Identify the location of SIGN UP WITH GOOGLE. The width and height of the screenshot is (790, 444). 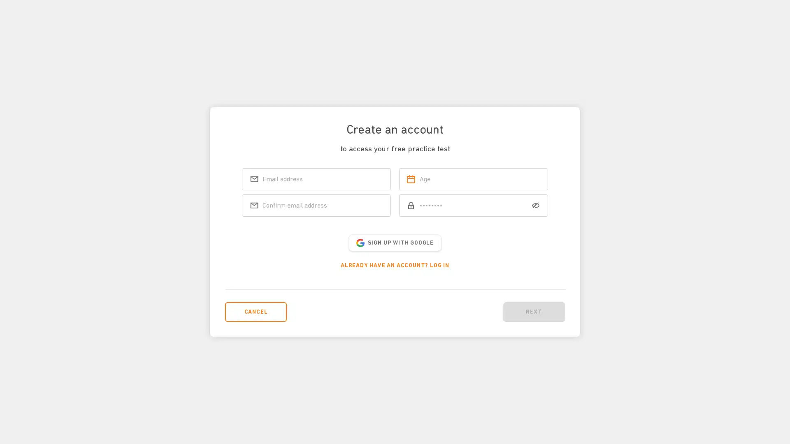
(394, 242).